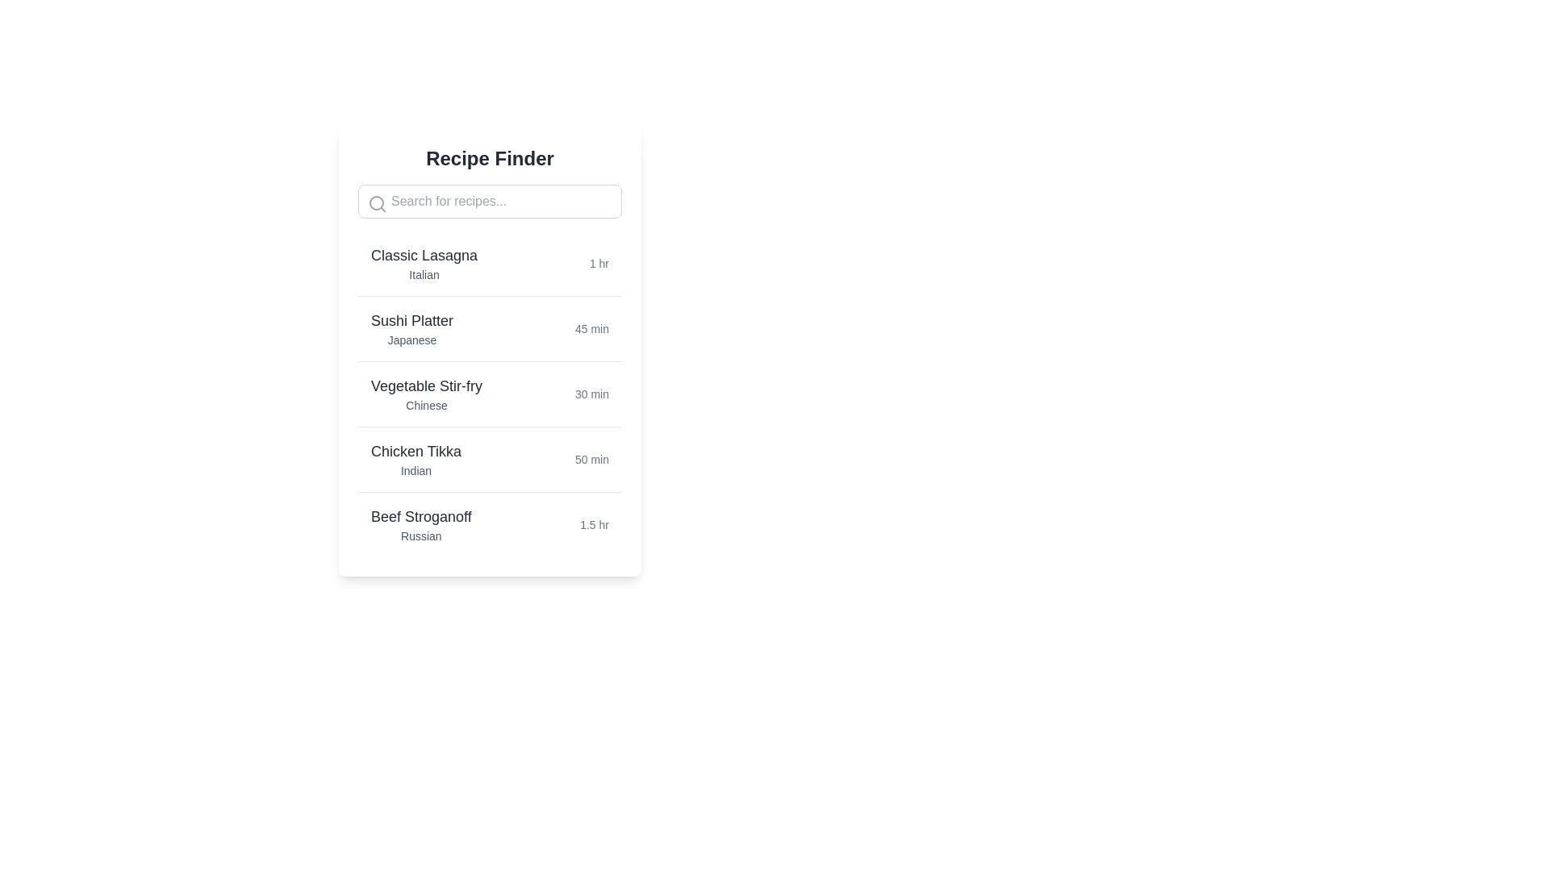 This screenshot has height=871, width=1549. Describe the element at coordinates (412, 328) in the screenshot. I see `the 'Sushi Platter' text label in the Recipe Finder menu, which is located between 'Classic Lasagna' and 'Vegetable Stir-fry'` at that location.